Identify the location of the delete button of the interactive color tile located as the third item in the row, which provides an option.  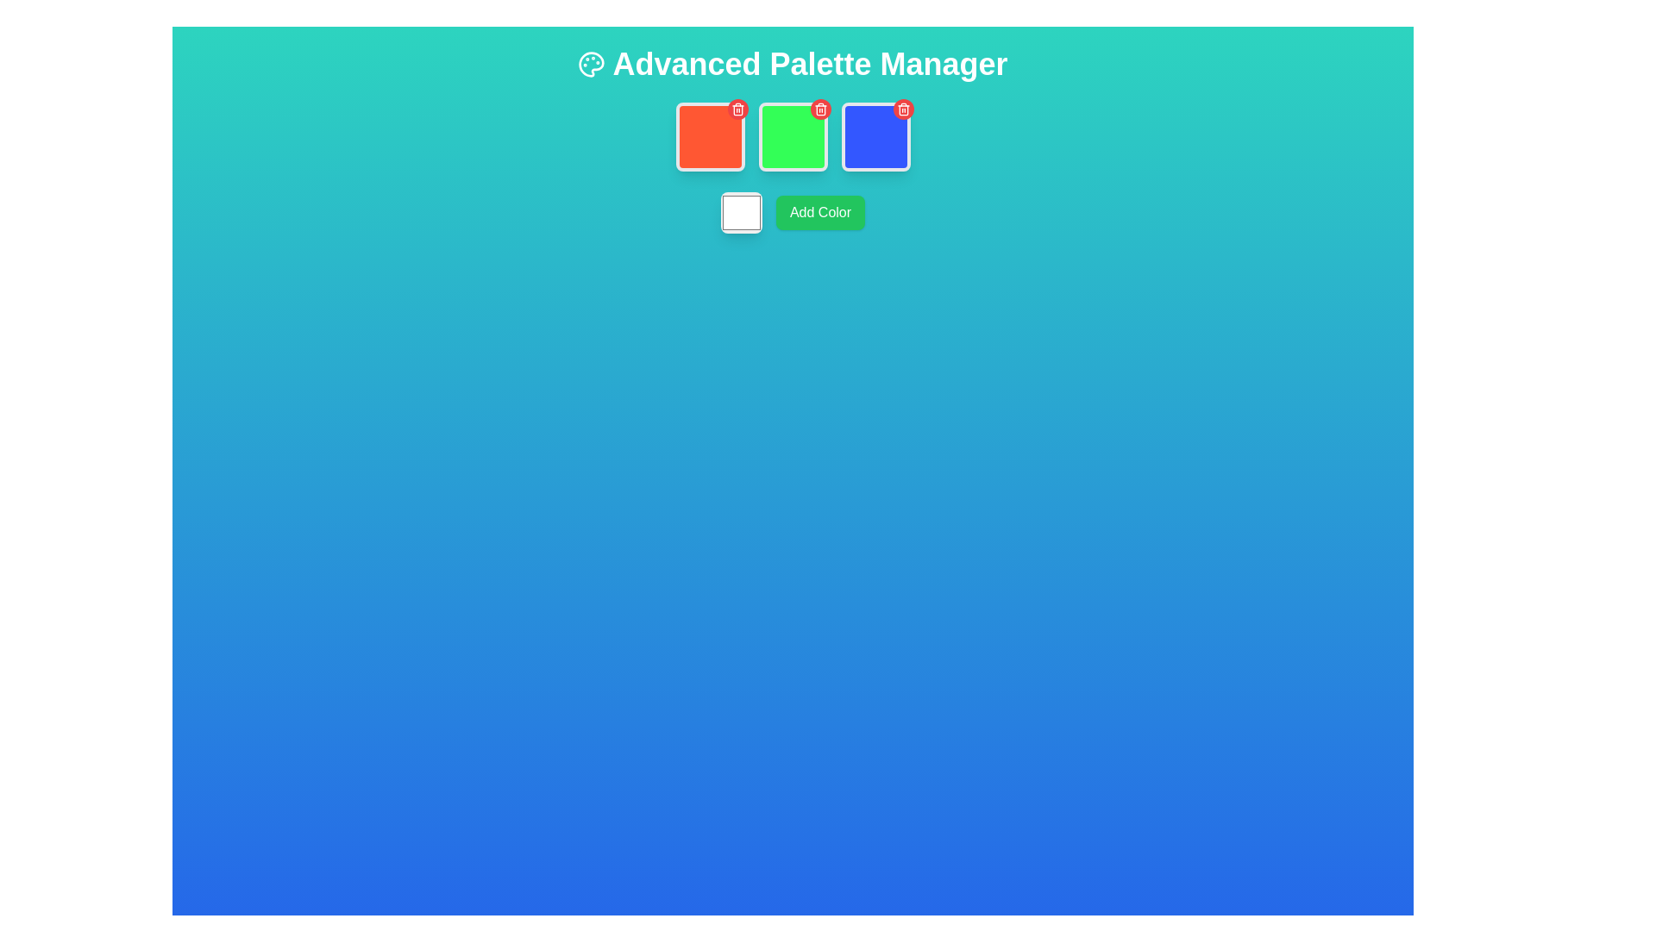
(875, 135).